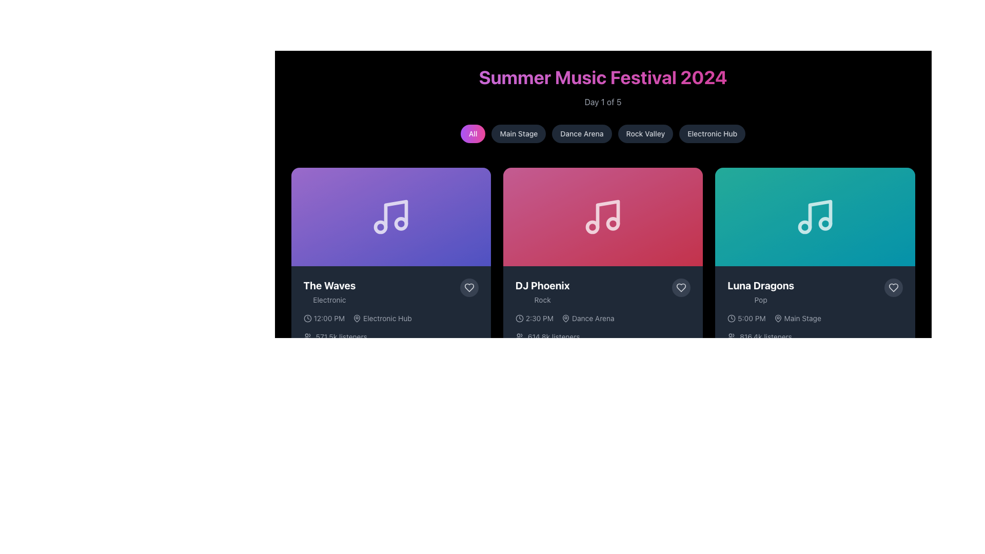 The height and width of the screenshot is (554, 985). What do you see at coordinates (825, 223) in the screenshot?
I see `the small circular shape within the musical note icon located at the top section of the third card for the 'Luna Dragons' event, which has a teal gradient background` at bounding box center [825, 223].